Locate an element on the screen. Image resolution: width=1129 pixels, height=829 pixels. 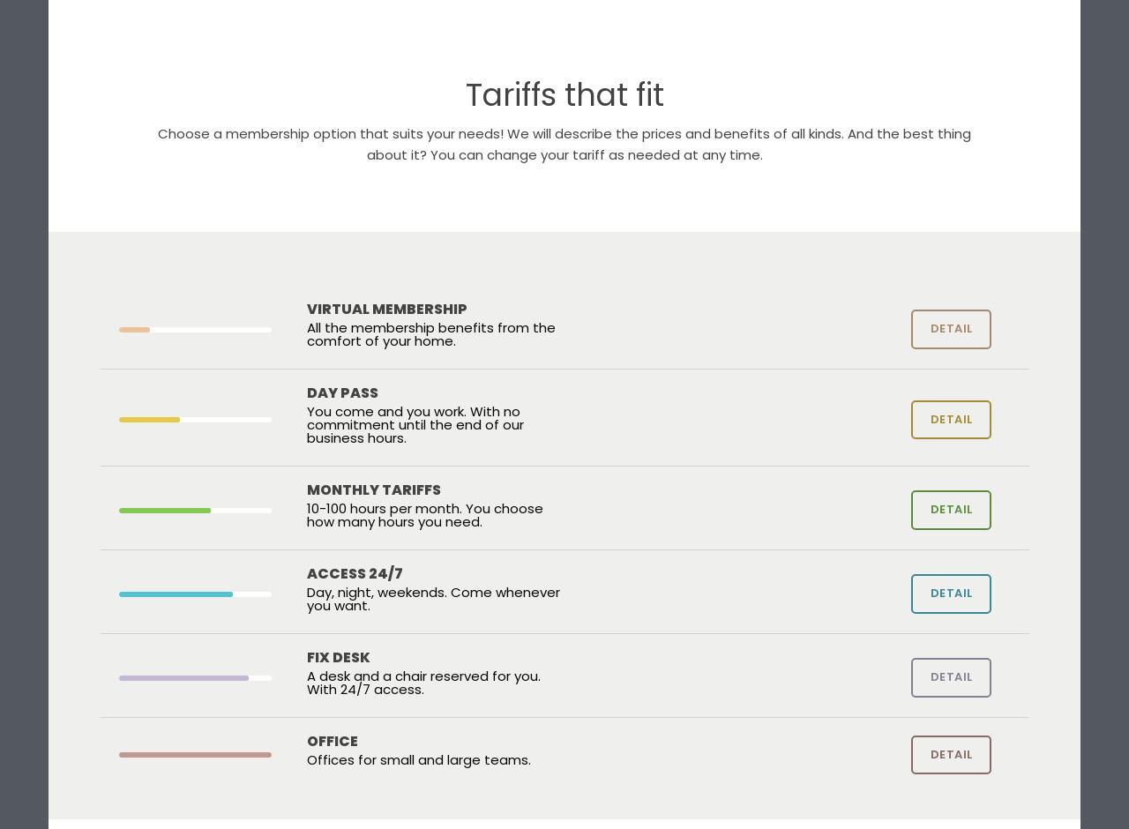
'Choose a membership option that suits your needs! We will describe the prices and benefits of all kinds. And the best thing about it? You can change your tariff as needed at any time.' is located at coordinates (157, 144).